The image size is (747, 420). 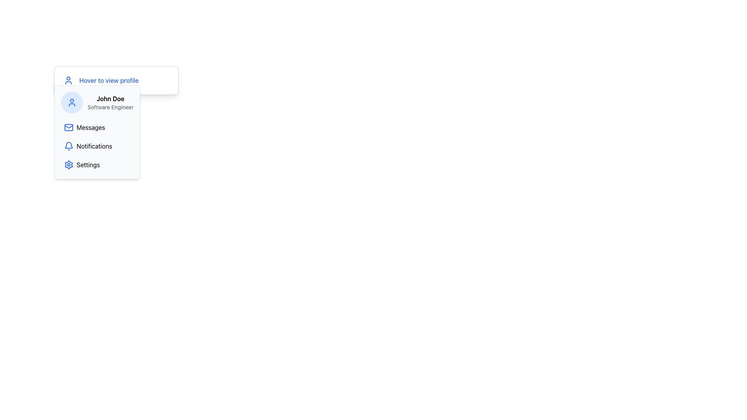 I want to click on the 'Software Engineer' static label which is styled in small gray text, located centrally below the 'John Doe' label in the dropdown menu, so click(x=110, y=107).